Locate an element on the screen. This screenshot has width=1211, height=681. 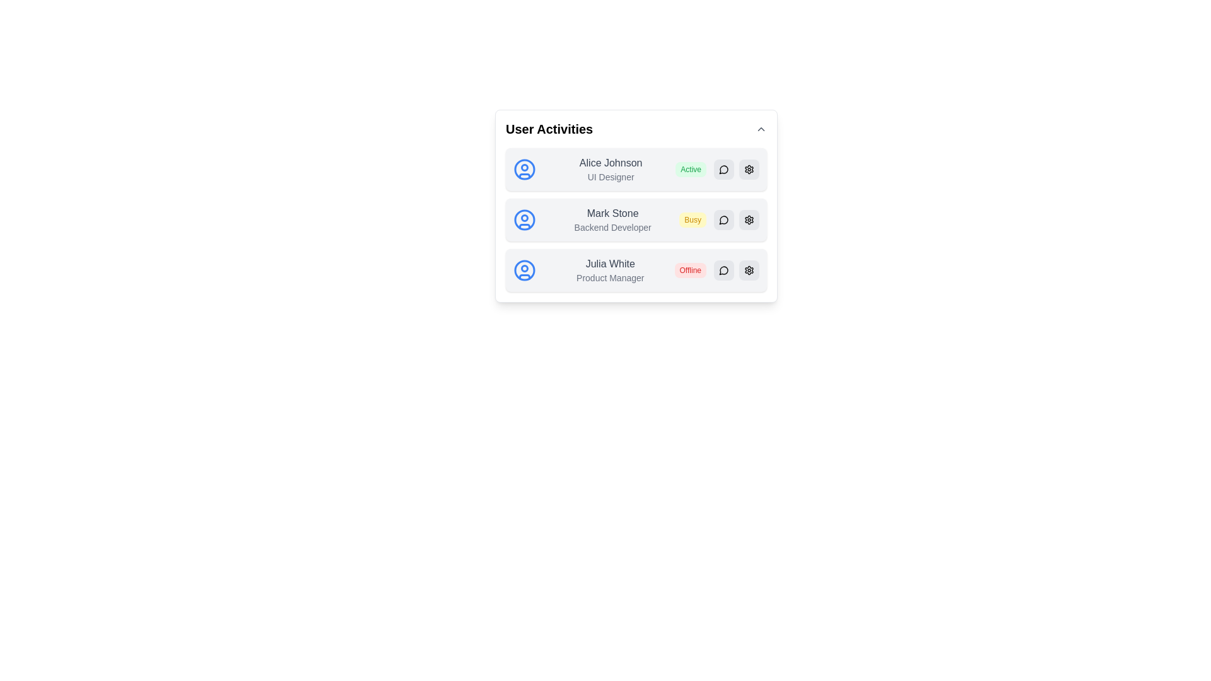
the user icon represented as a filled circle with a blue outline and white interior, located in the 'User Activities' section as the second user item in a vertical list is located at coordinates (524, 218).